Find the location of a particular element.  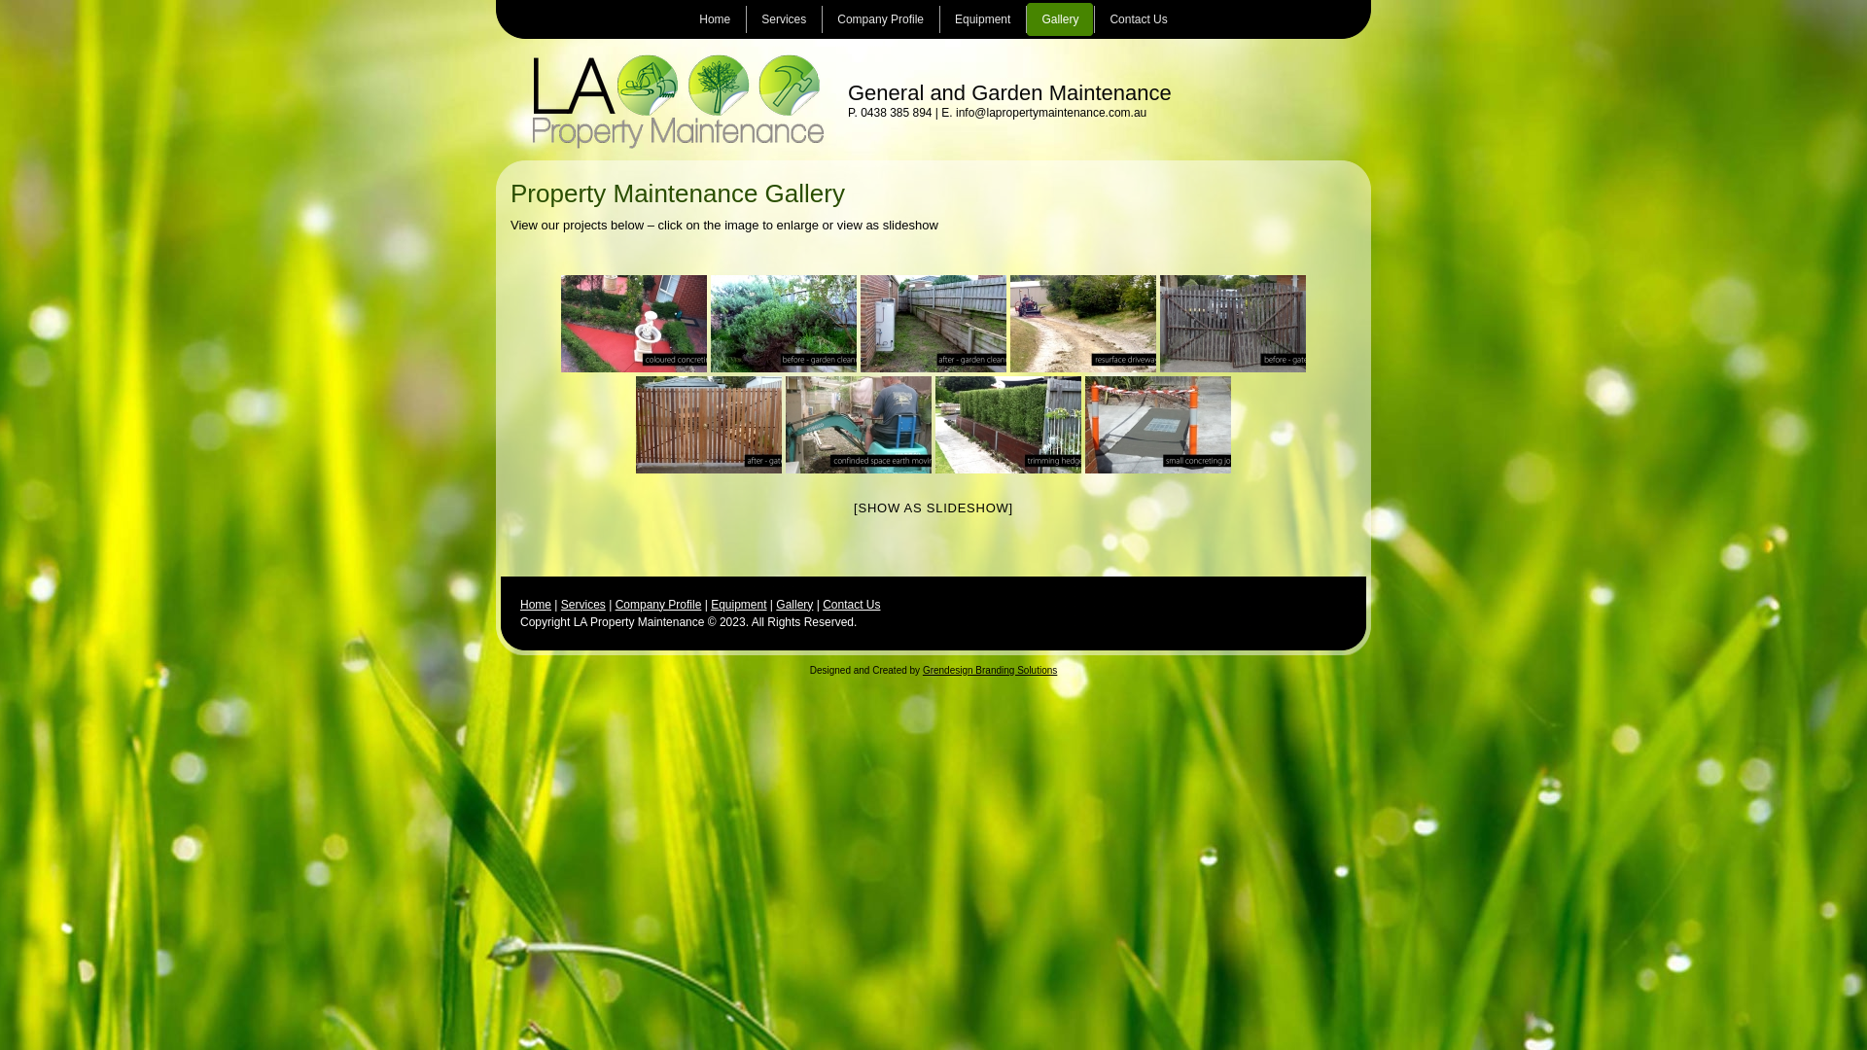

'la-property-maintenance-small-section-concreating' is located at coordinates (1157, 423).